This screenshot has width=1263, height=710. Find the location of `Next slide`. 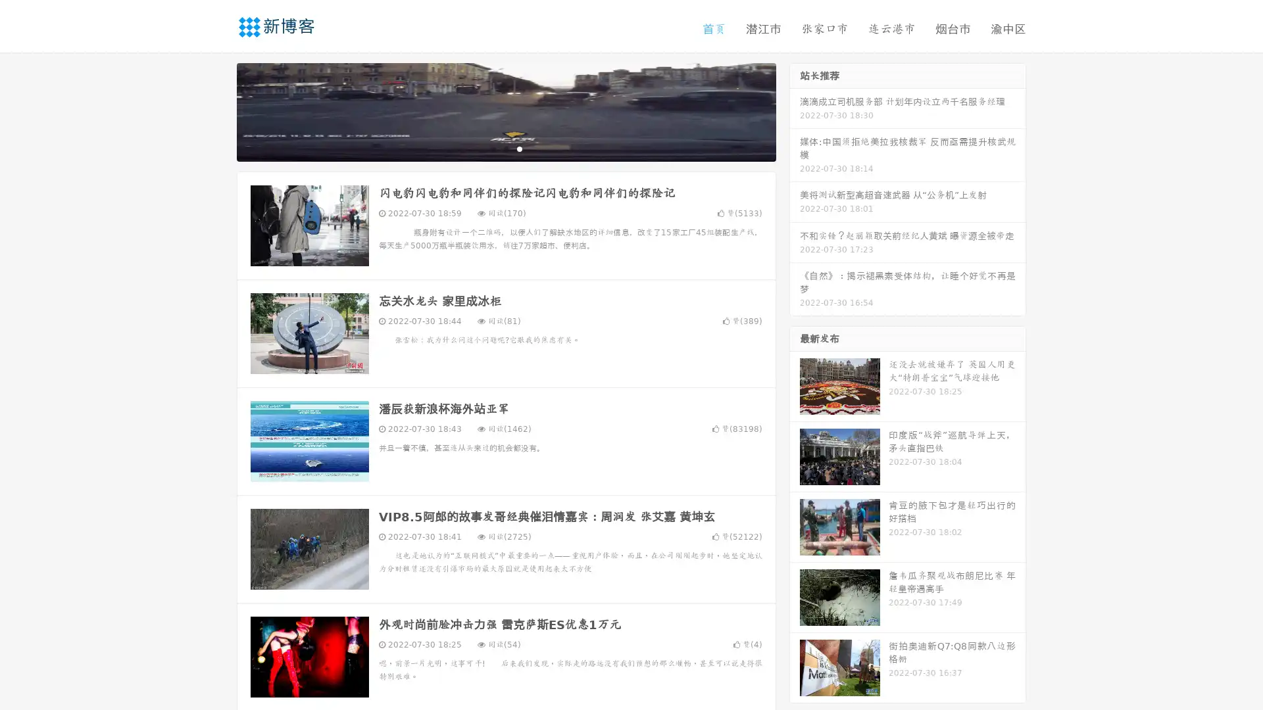

Next slide is located at coordinates (795, 110).